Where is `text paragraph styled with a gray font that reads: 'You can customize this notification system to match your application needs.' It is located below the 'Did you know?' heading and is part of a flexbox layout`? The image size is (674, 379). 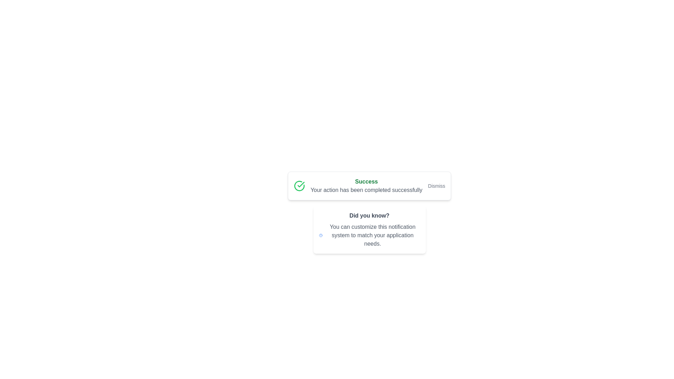
text paragraph styled with a gray font that reads: 'You can customize this notification system to match your application needs.' It is located below the 'Did you know?' heading and is part of a flexbox layout is located at coordinates (372, 235).